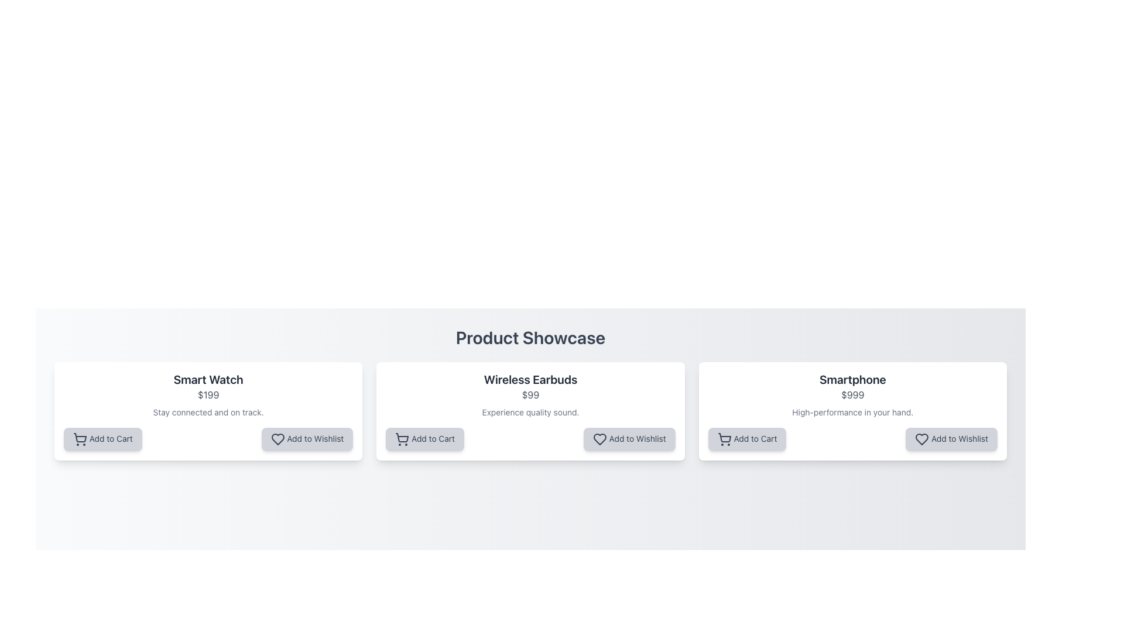 The width and height of the screenshot is (1124, 632). What do you see at coordinates (921, 439) in the screenshot?
I see `the icon within the 'Add to Wishlist' button located at the bottom right corner of the Smartphone product card` at bounding box center [921, 439].